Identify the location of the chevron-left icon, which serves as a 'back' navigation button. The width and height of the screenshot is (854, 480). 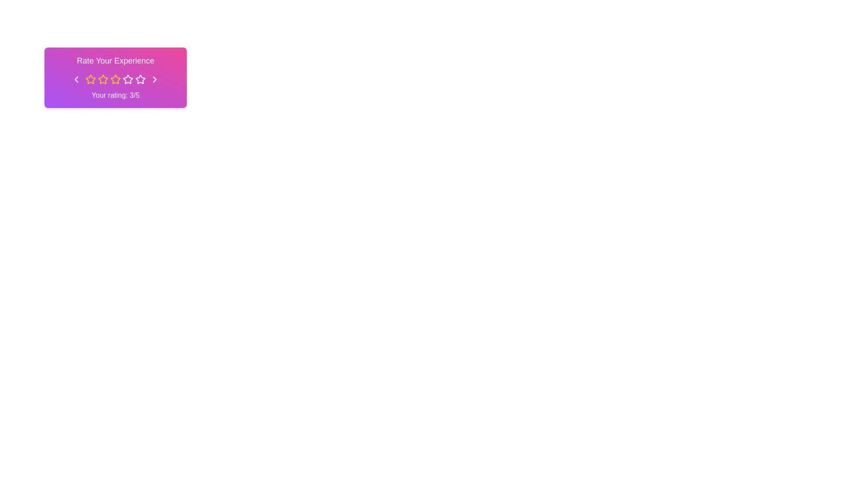
(77, 79).